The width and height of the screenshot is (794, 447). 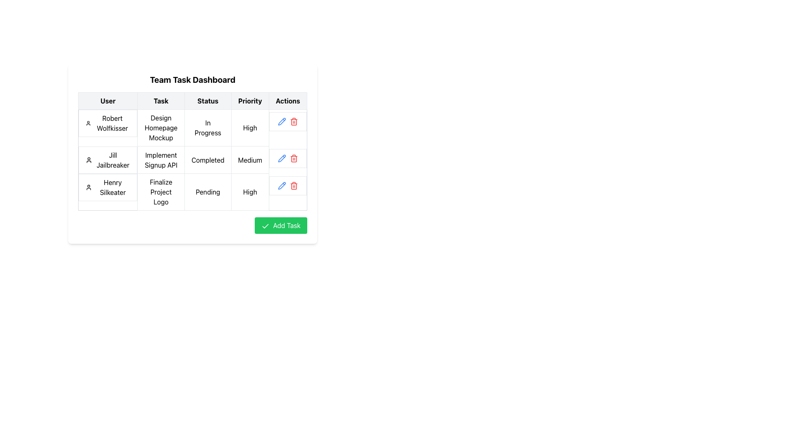 What do you see at coordinates (294, 121) in the screenshot?
I see `the delete button icon in the 'Actions' column of the second row in the task management interface` at bounding box center [294, 121].